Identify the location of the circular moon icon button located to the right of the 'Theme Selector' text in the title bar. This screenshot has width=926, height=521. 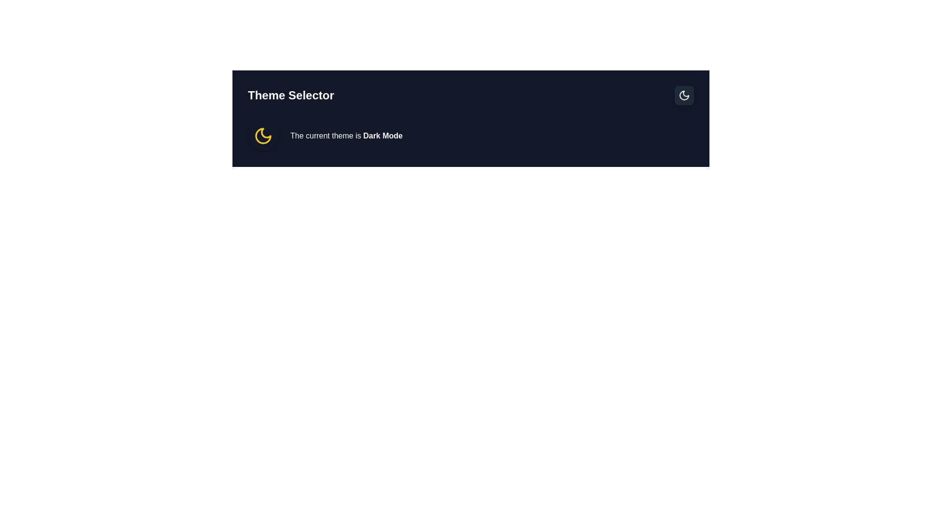
(684, 95).